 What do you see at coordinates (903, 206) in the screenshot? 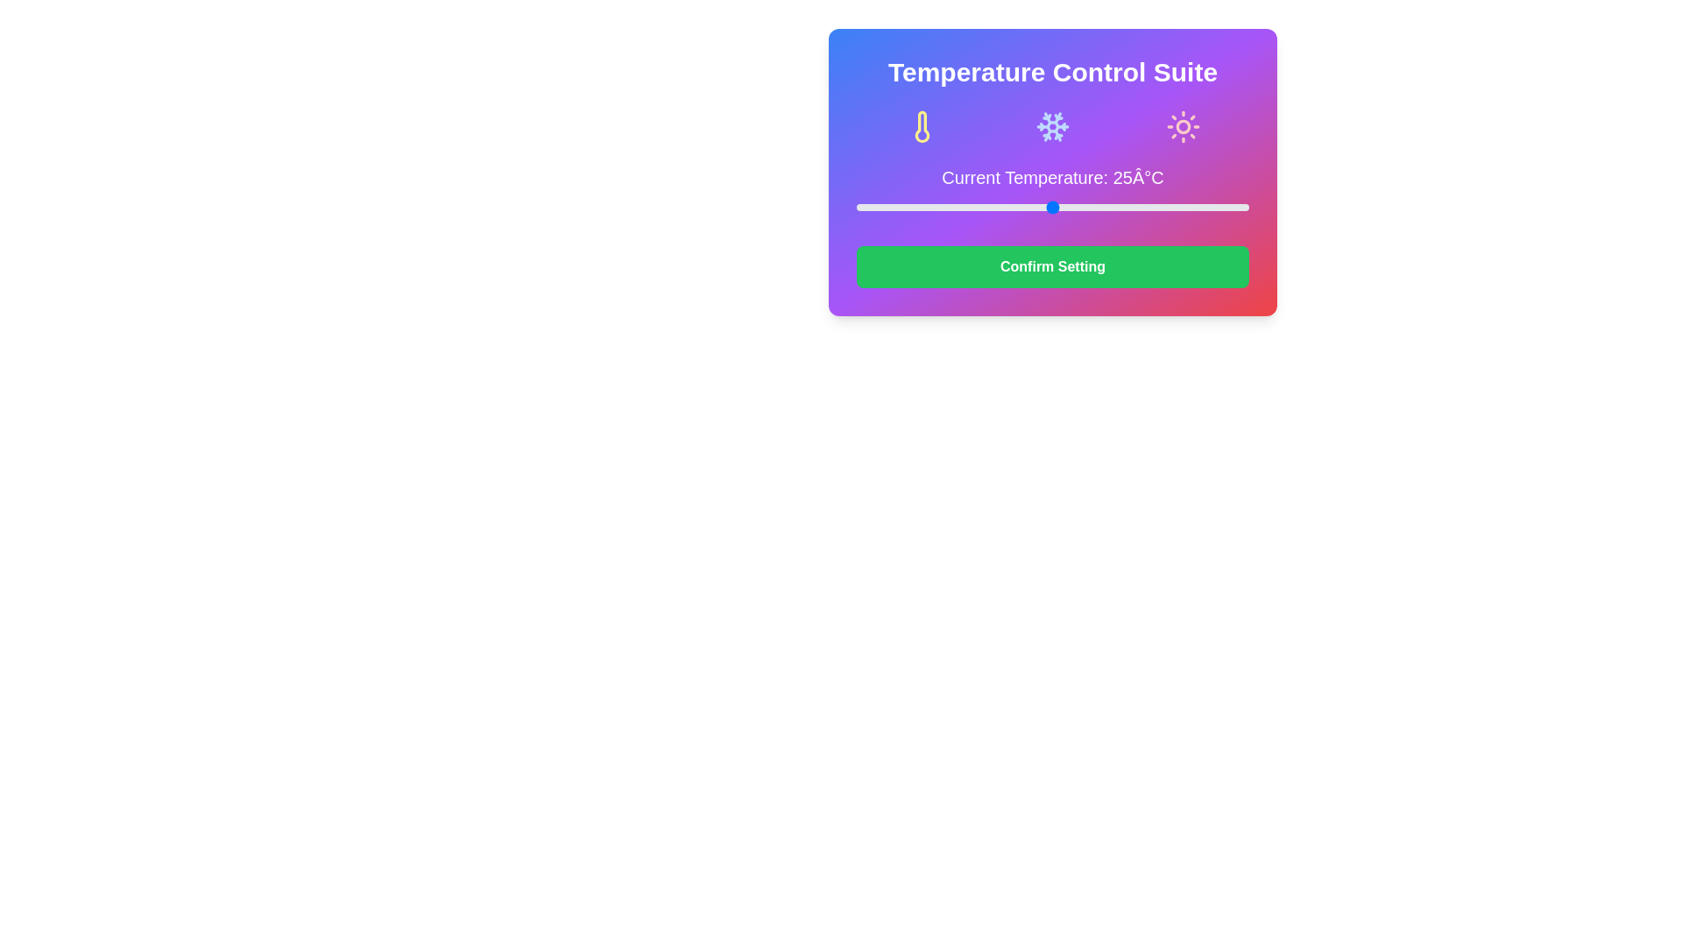
I see `the temperature slider to set the temperature to 6°C` at bounding box center [903, 206].